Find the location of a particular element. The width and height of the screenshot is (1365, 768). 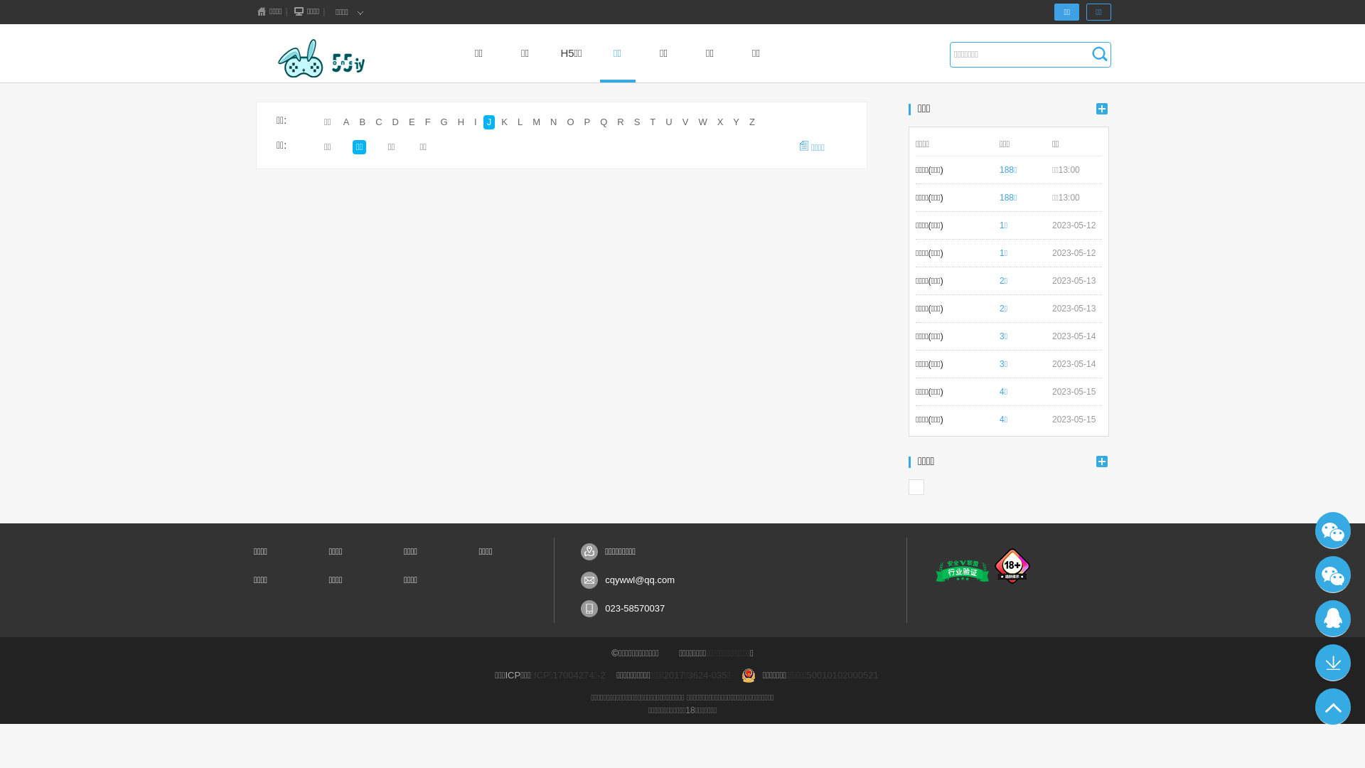

'M' is located at coordinates (535, 122).